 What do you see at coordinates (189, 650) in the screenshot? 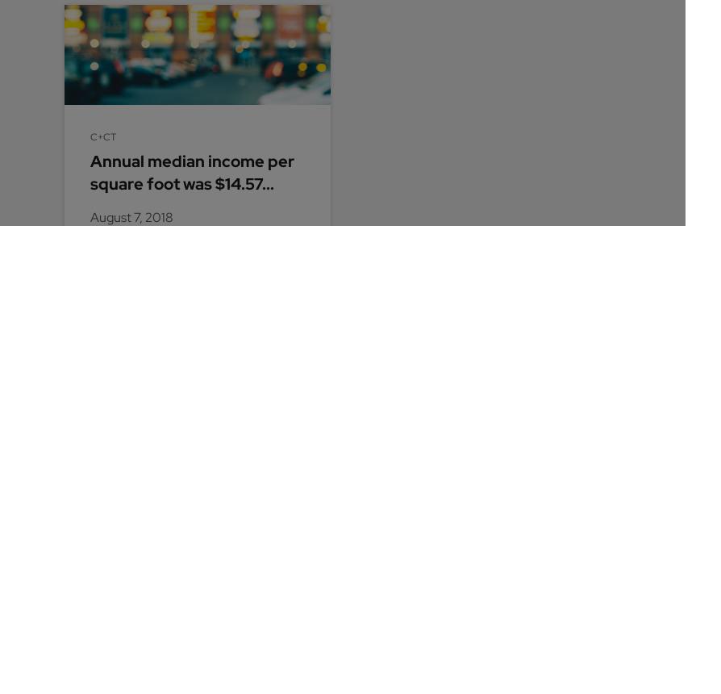
I see `'© Copyright 2023 International Council of Shopping Centers. All rights Reserved.'` at bounding box center [189, 650].